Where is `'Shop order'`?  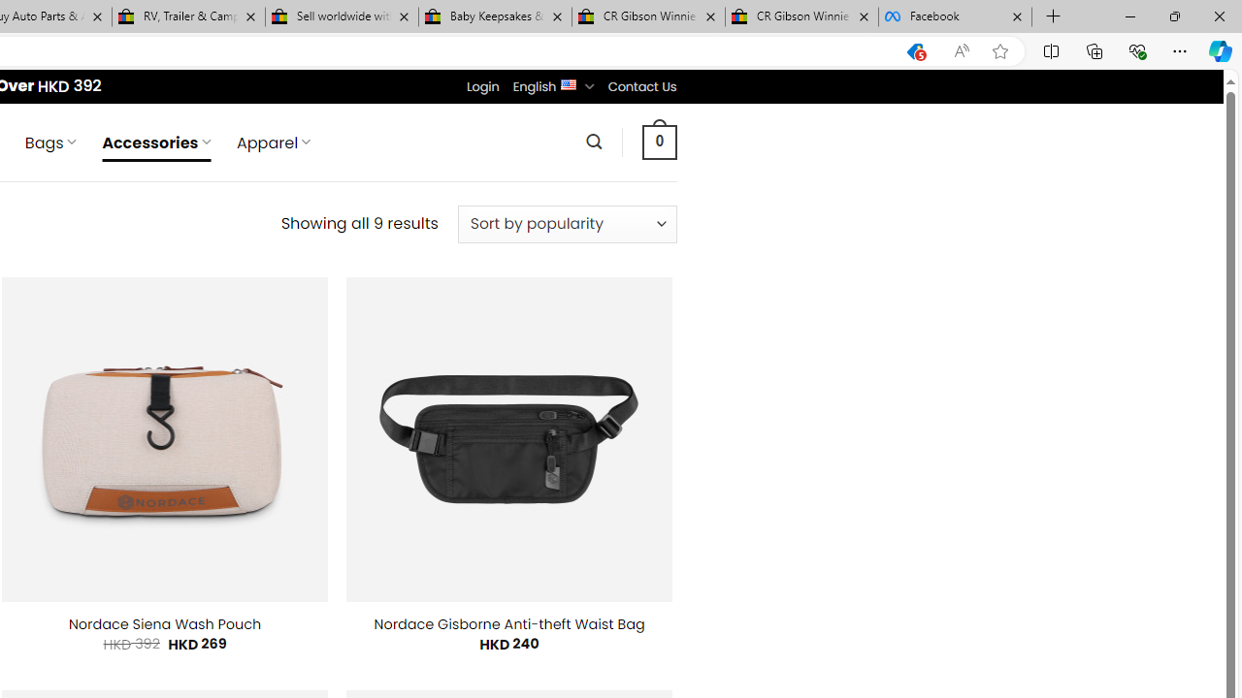
'Shop order' is located at coordinates (566, 223).